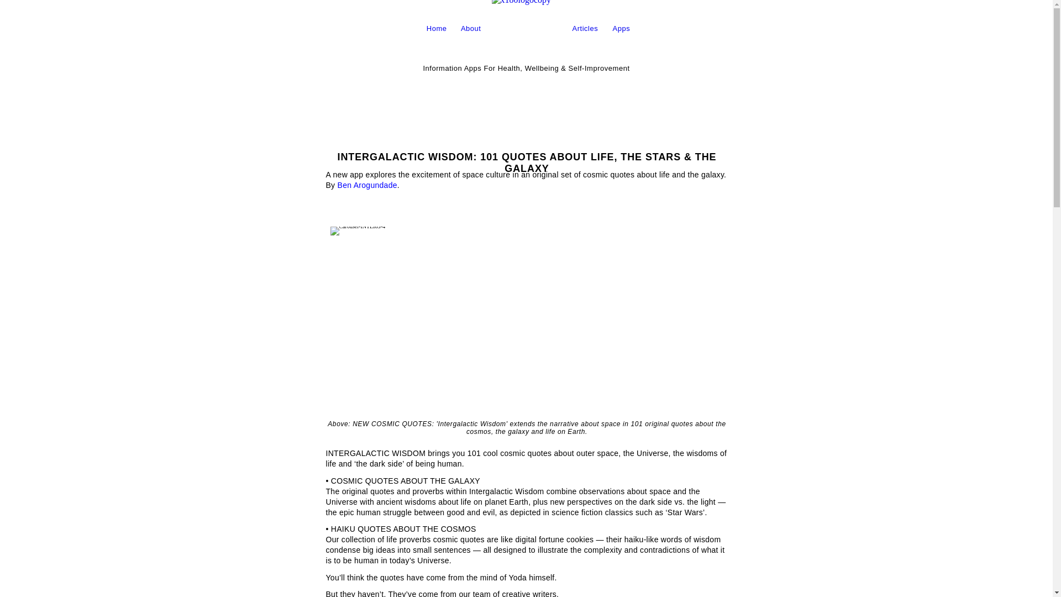  What do you see at coordinates (612, 28) in the screenshot?
I see `'Apps'` at bounding box center [612, 28].